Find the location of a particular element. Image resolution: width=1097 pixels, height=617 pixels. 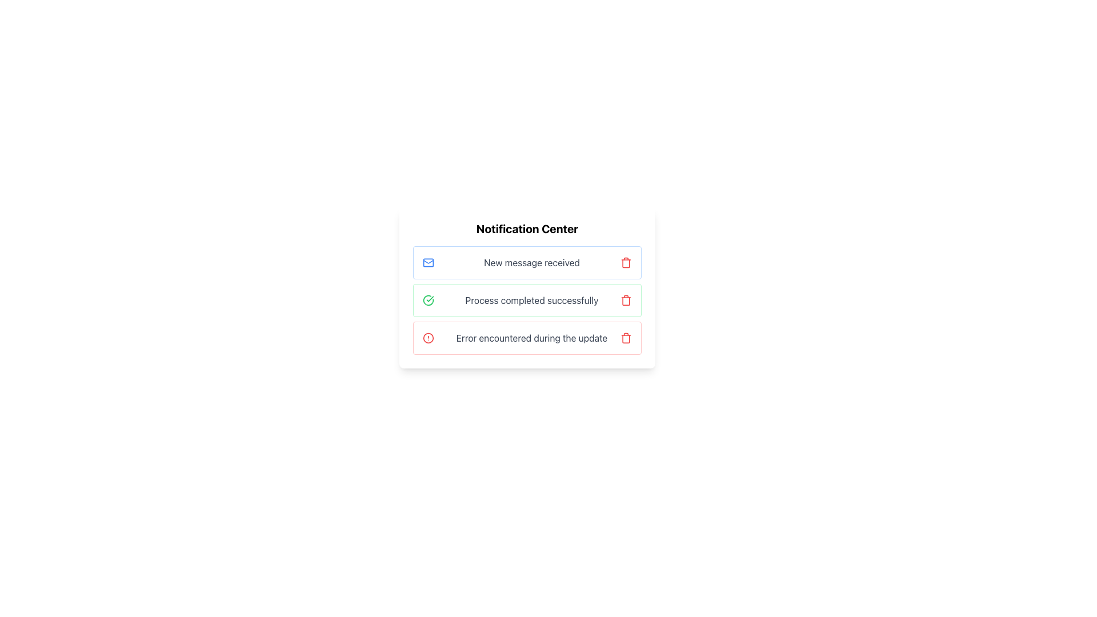

the deletion button located in the notification message box labeled 'Process completed successfully' to trigger styling effects is located at coordinates (625, 299).